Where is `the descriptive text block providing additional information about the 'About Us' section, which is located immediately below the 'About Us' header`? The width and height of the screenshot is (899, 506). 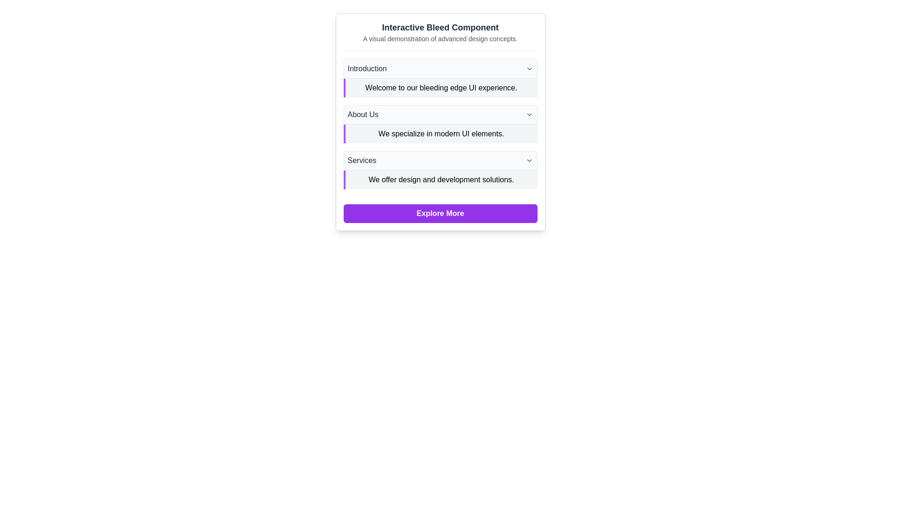
the descriptive text block providing additional information about the 'About Us' section, which is located immediately below the 'About Us' header is located at coordinates (440, 134).